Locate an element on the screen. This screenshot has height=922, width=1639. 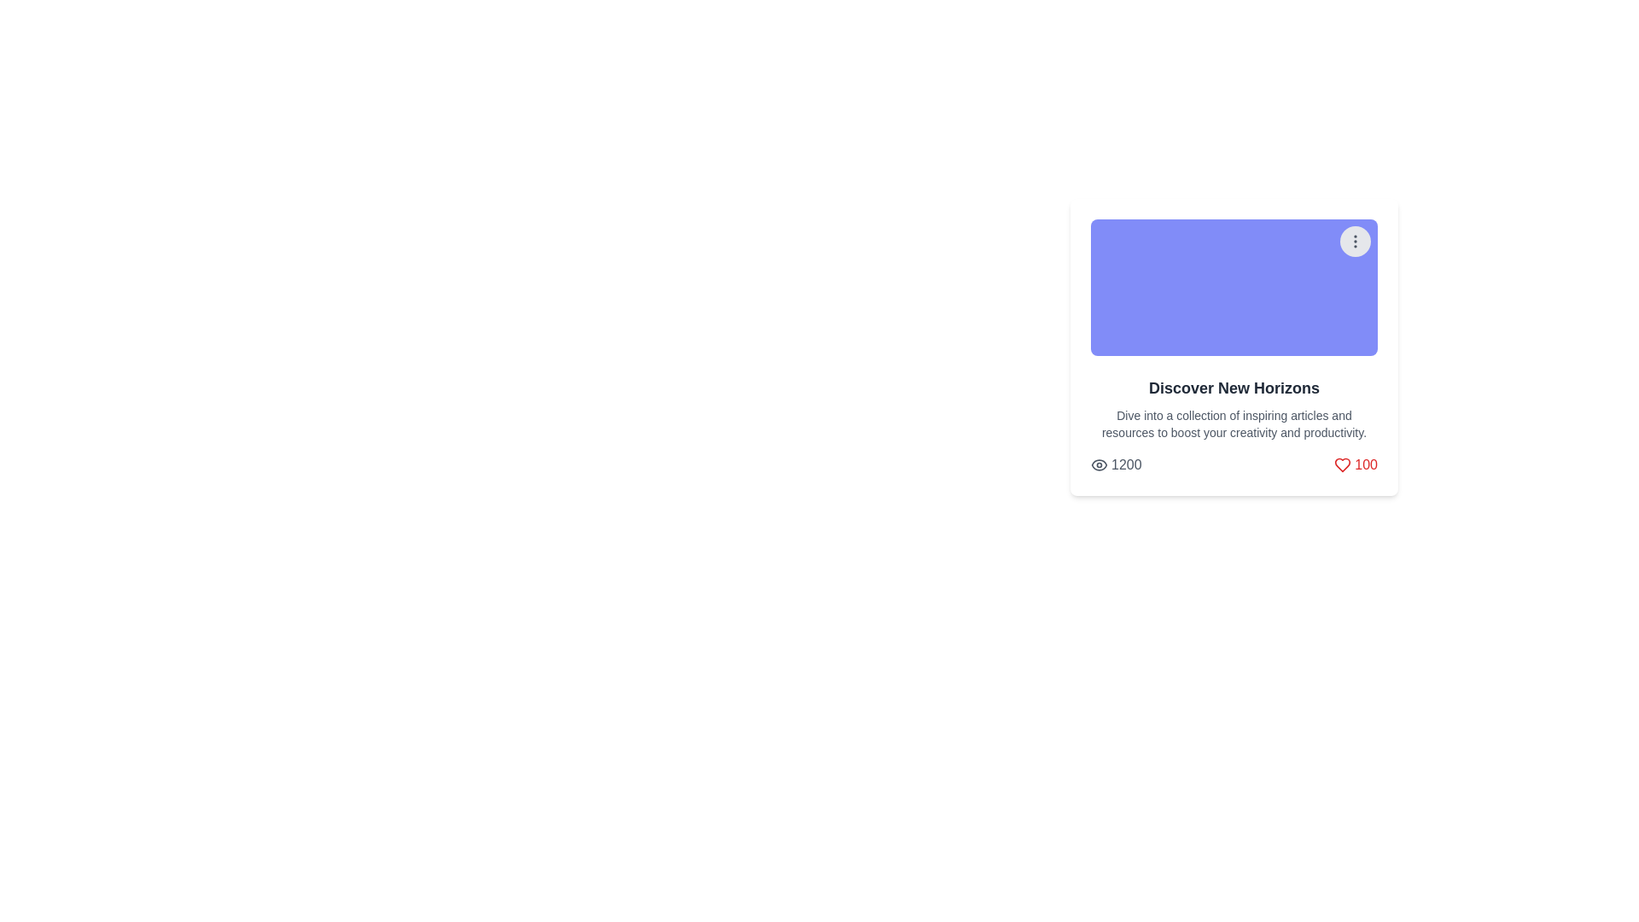
the heart icon located in the bottom-right part of the card component is located at coordinates (1342, 464).